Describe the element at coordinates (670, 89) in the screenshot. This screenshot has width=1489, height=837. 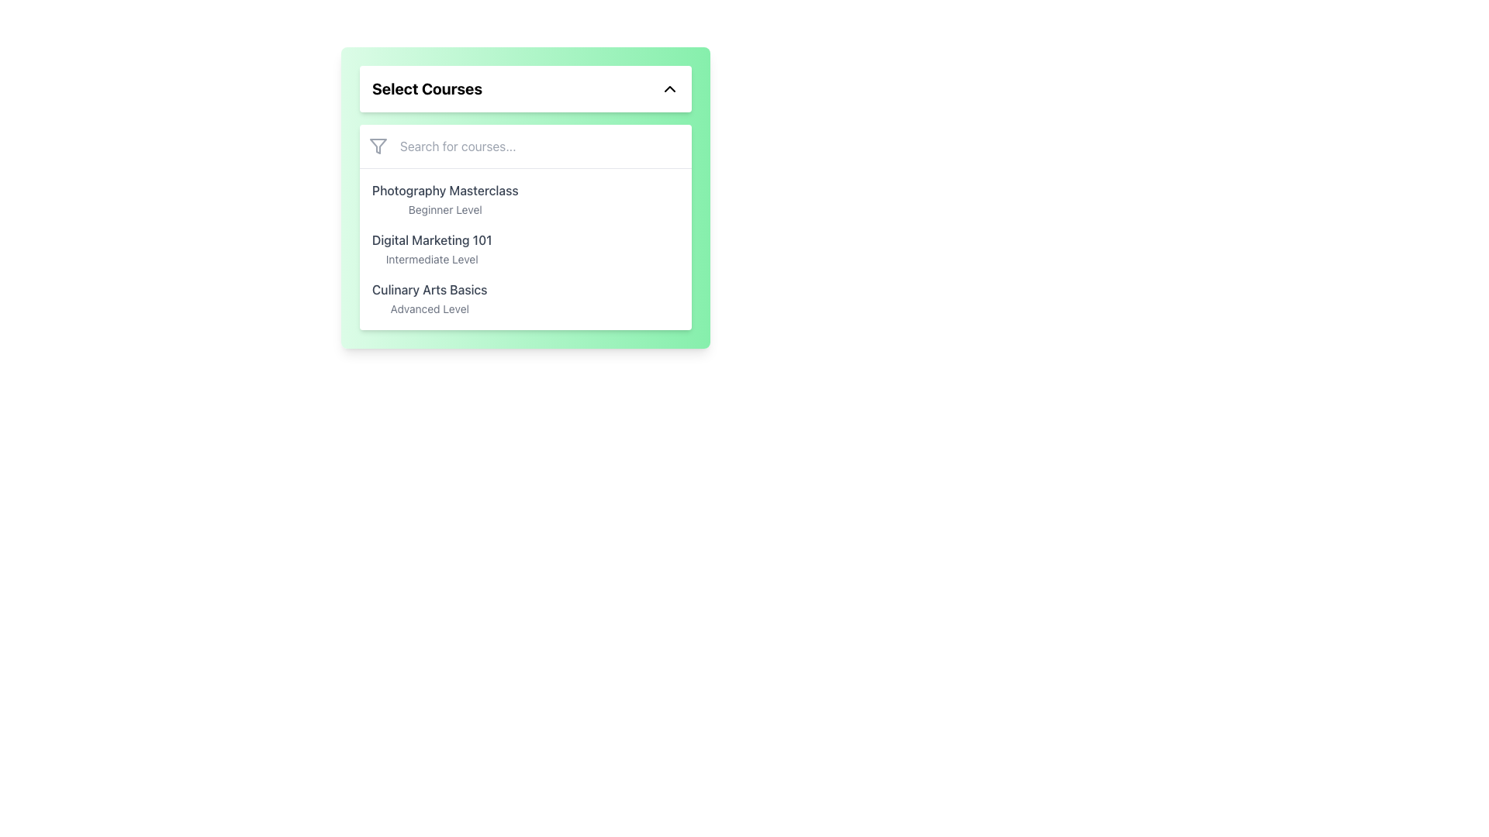
I see `the chevron icon button located to the right of the 'Select Courses' label` at that location.